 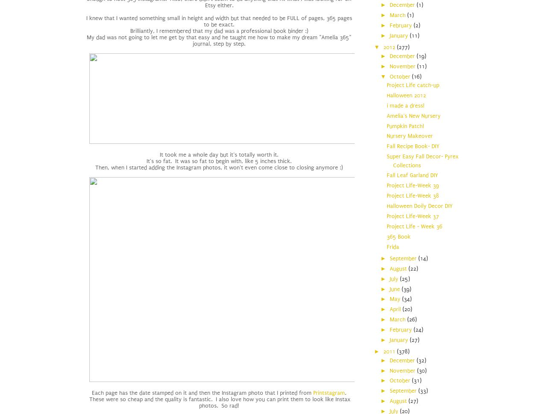 What do you see at coordinates (413, 195) in the screenshot?
I see `'Project Life-Week 38'` at bounding box center [413, 195].